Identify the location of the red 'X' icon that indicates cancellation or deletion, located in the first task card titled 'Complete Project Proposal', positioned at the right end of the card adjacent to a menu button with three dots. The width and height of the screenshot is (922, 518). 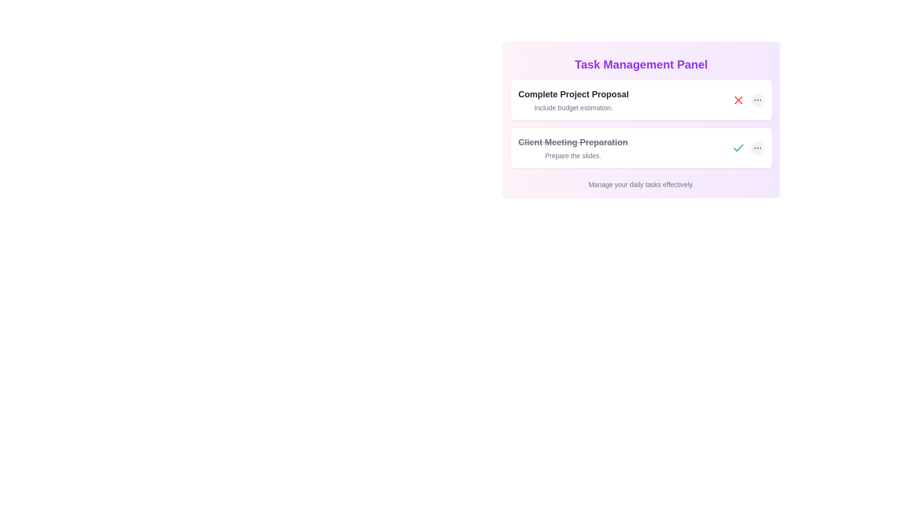
(738, 100).